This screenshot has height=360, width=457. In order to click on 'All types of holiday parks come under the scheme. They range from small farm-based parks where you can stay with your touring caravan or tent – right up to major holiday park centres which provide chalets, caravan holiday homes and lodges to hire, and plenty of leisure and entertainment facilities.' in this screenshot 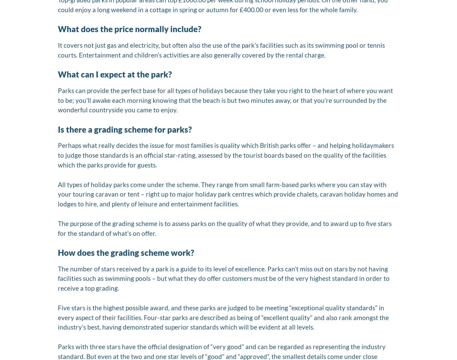, I will do `click(228, 194)`.